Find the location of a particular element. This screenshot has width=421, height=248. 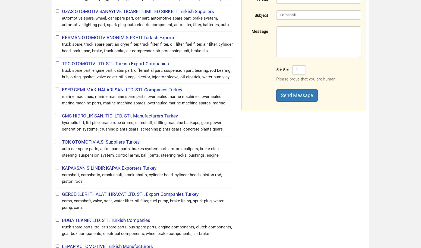

'hydraulic lift, lift pipe, crane rope drums, camshaft, drilling machine backups, gear power generation systems, crushing plants gears, screening plants gears, concrete plants gears, business machine g' is located at coordinates (142, 129).